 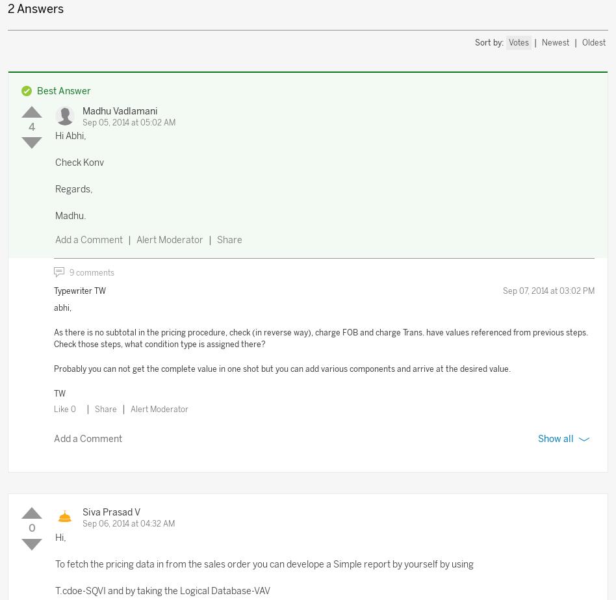 I want to click on '0', so click(x=31, y=527).